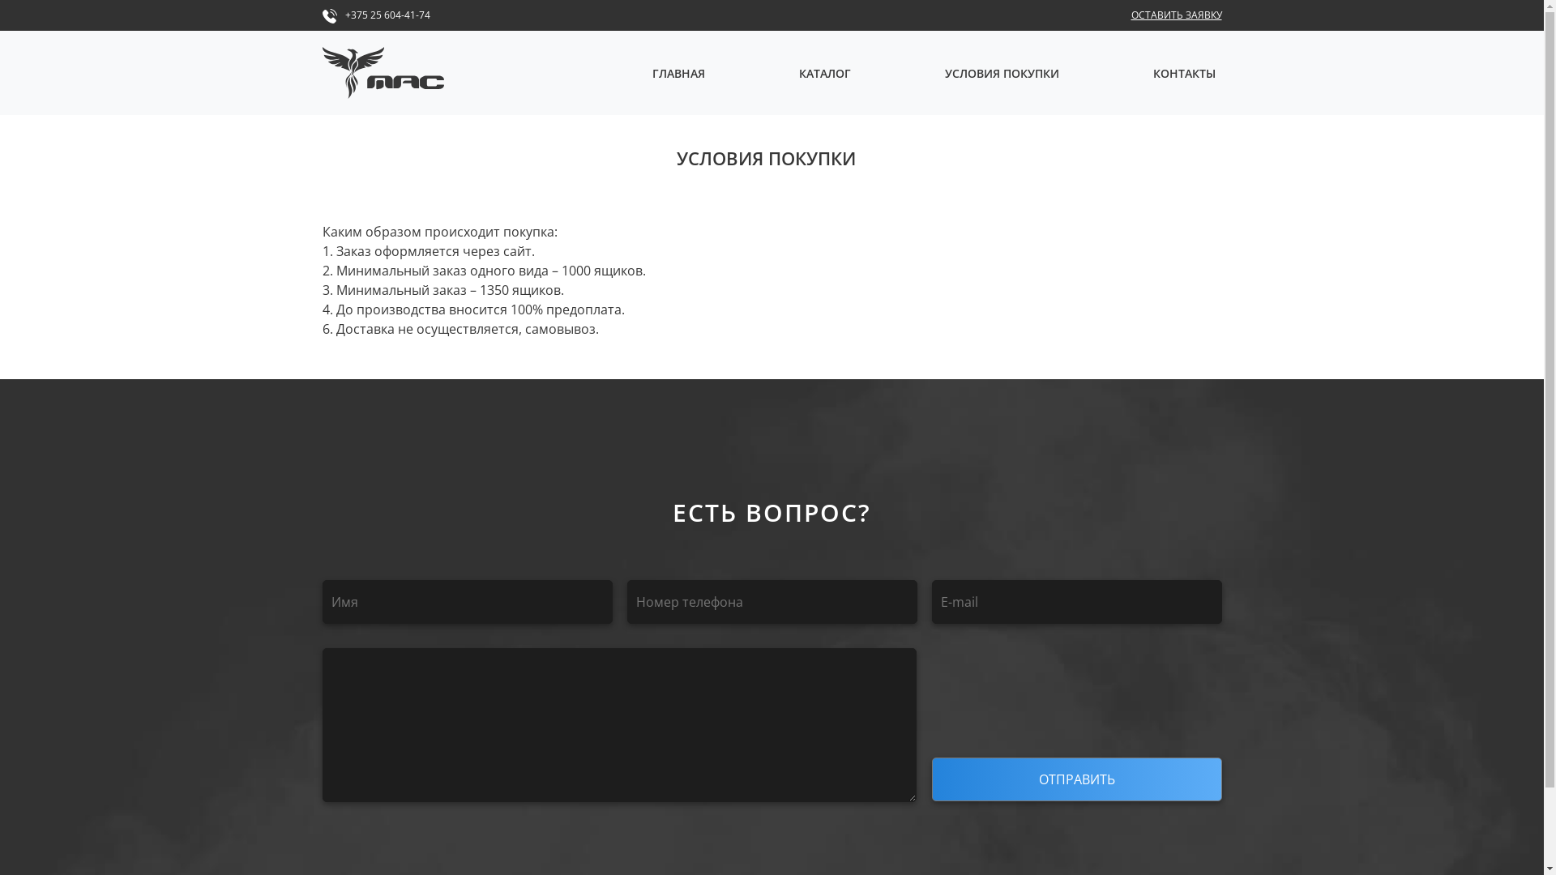  I want to click on '+375 25 604-41-74', so click(387, 15).